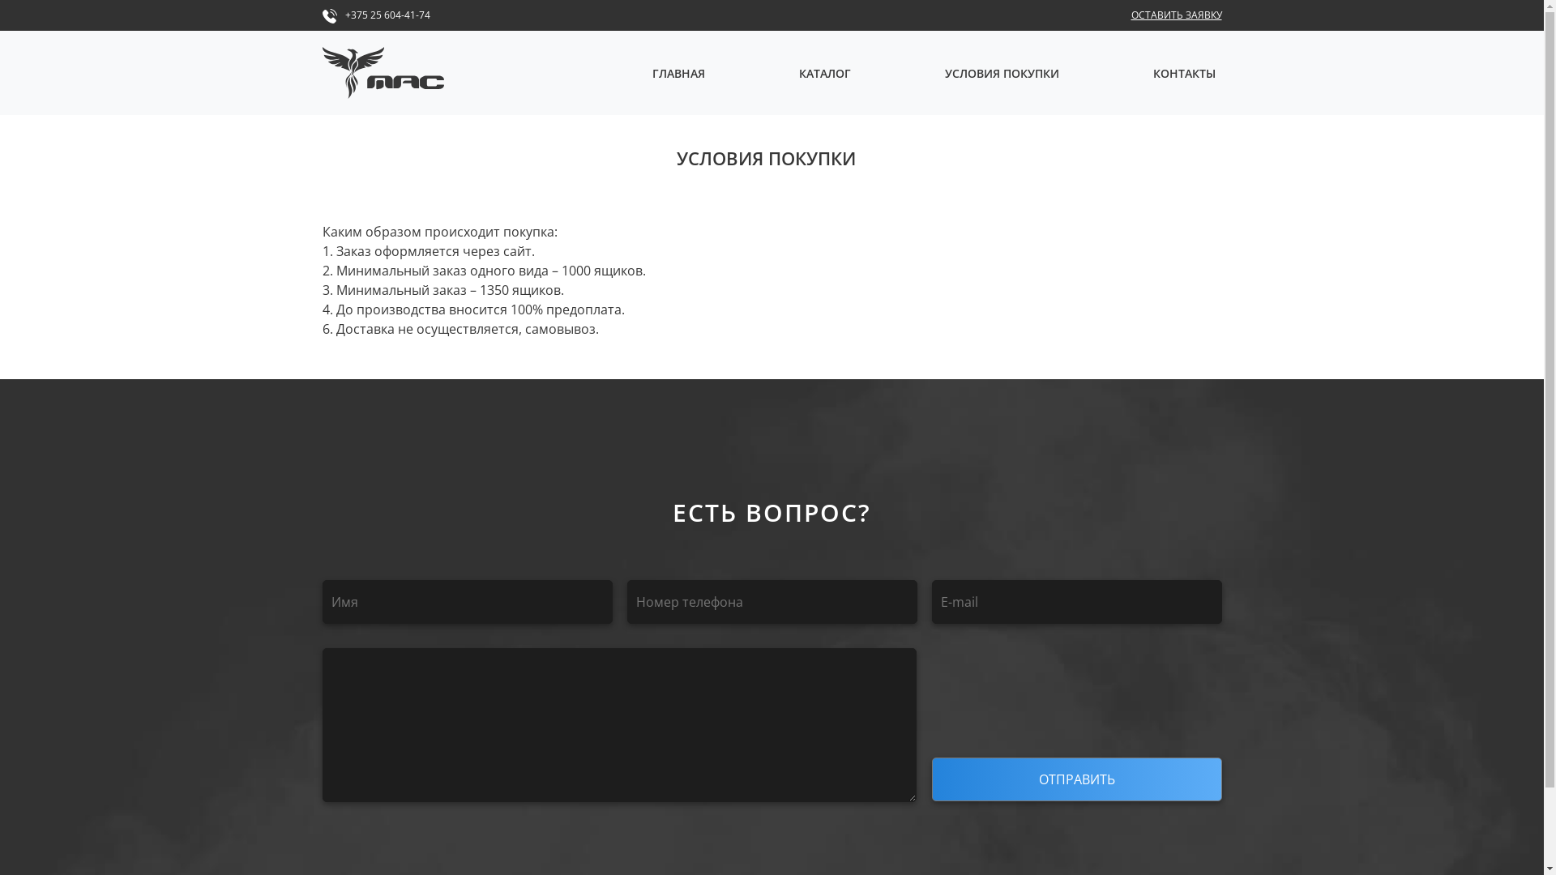  I want to click on '+375 25 604-41-74', so click(387, 15).